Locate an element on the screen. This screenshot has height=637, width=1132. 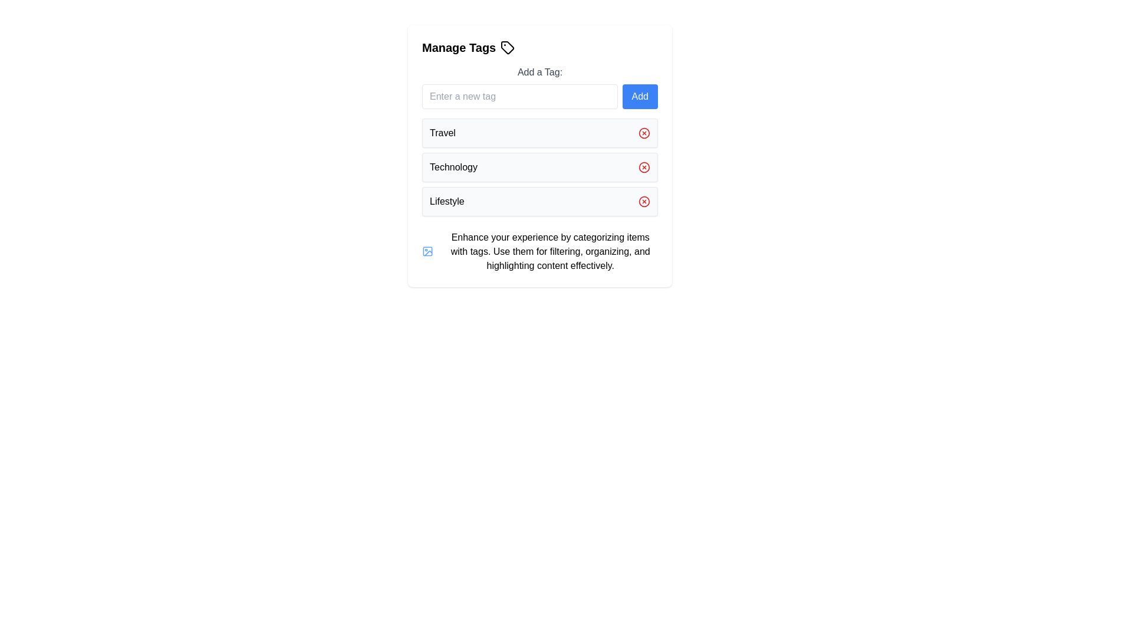
the tagging icon located in the top-right area of the interface, near the title section labeled 'Manage Tags' is located at coordinates (508, 47).